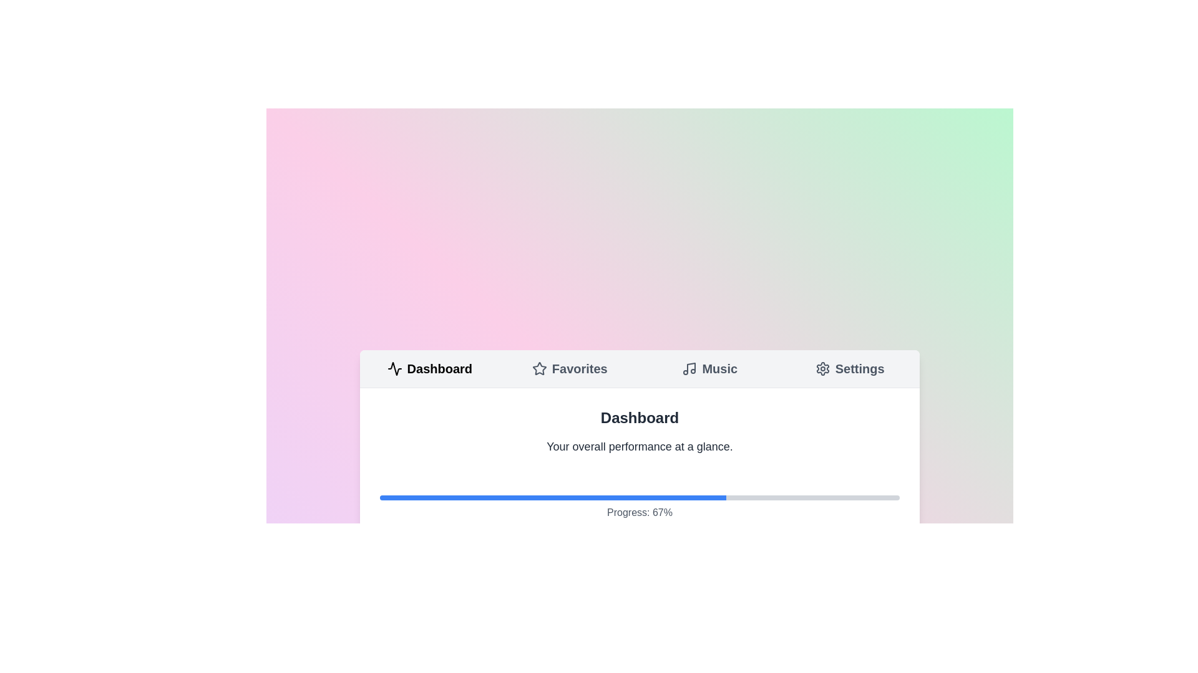 The width and height of the screenshot is (1198, 673). Describe the element at coordinates (709, 368) in the screenshot. I see `the tab labeled Music` at that location.